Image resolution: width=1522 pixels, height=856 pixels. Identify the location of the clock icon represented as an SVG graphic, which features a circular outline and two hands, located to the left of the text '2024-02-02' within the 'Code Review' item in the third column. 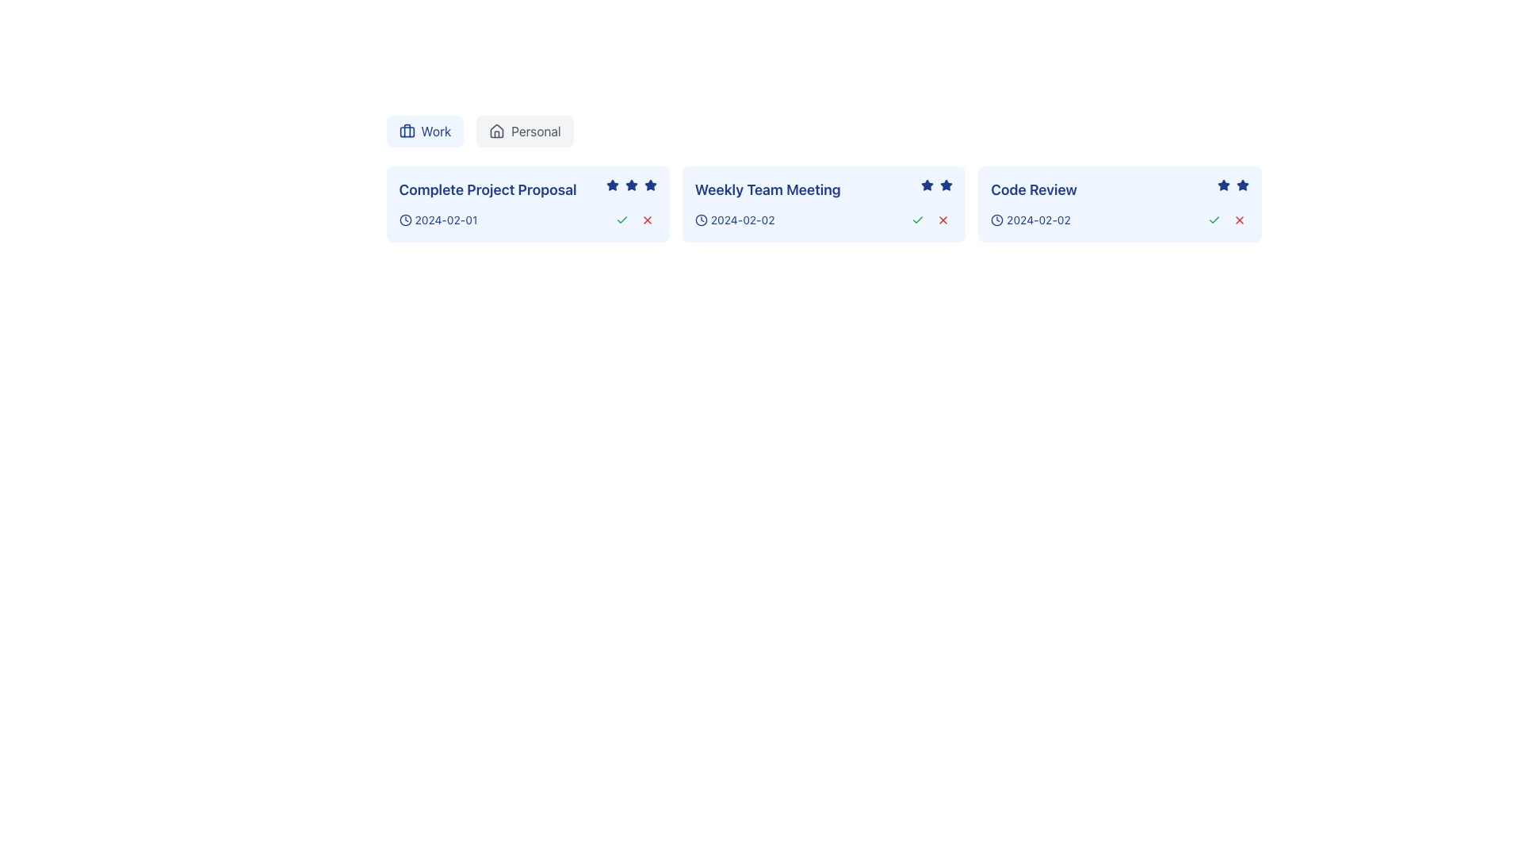
(996, 220).